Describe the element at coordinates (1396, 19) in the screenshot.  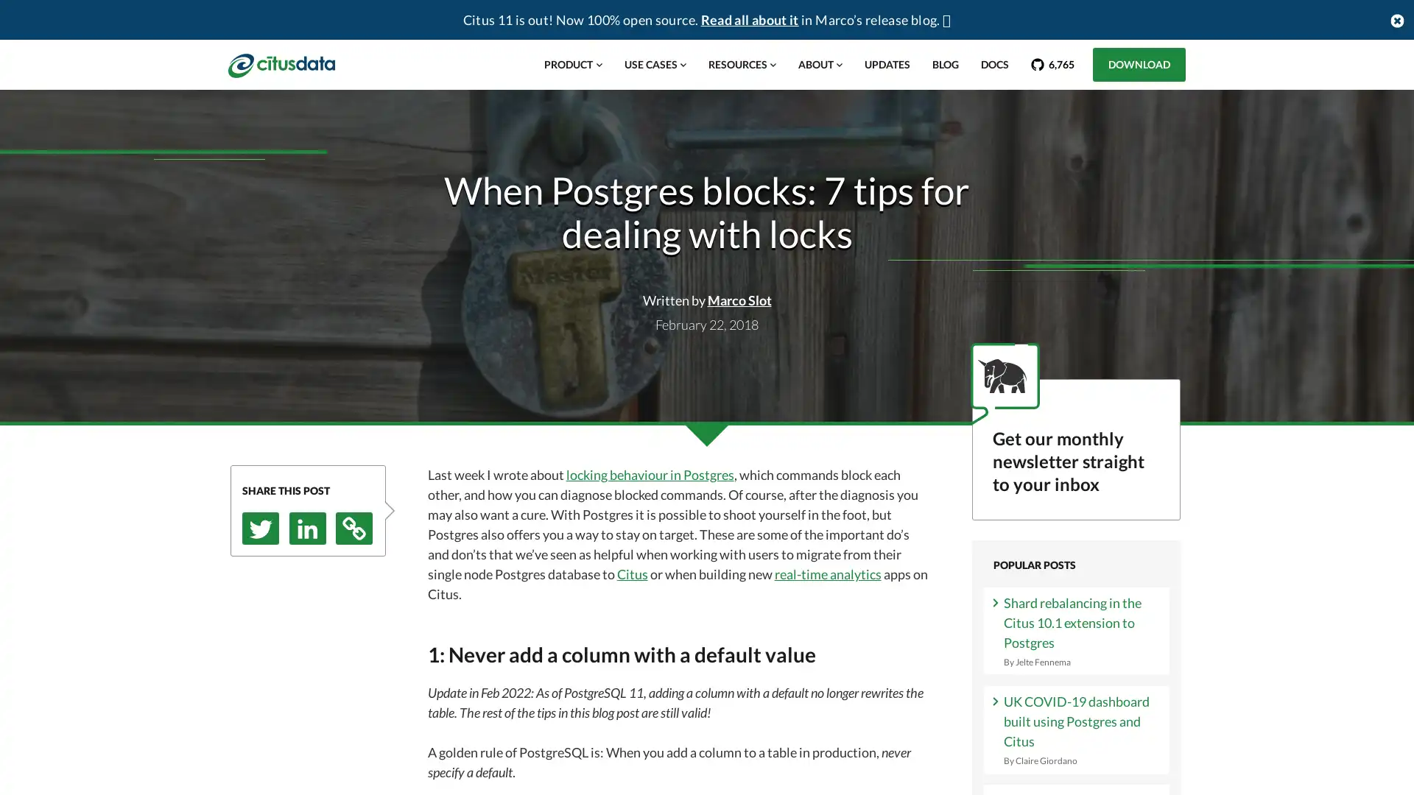
I see `Close notification bar button` at that location.